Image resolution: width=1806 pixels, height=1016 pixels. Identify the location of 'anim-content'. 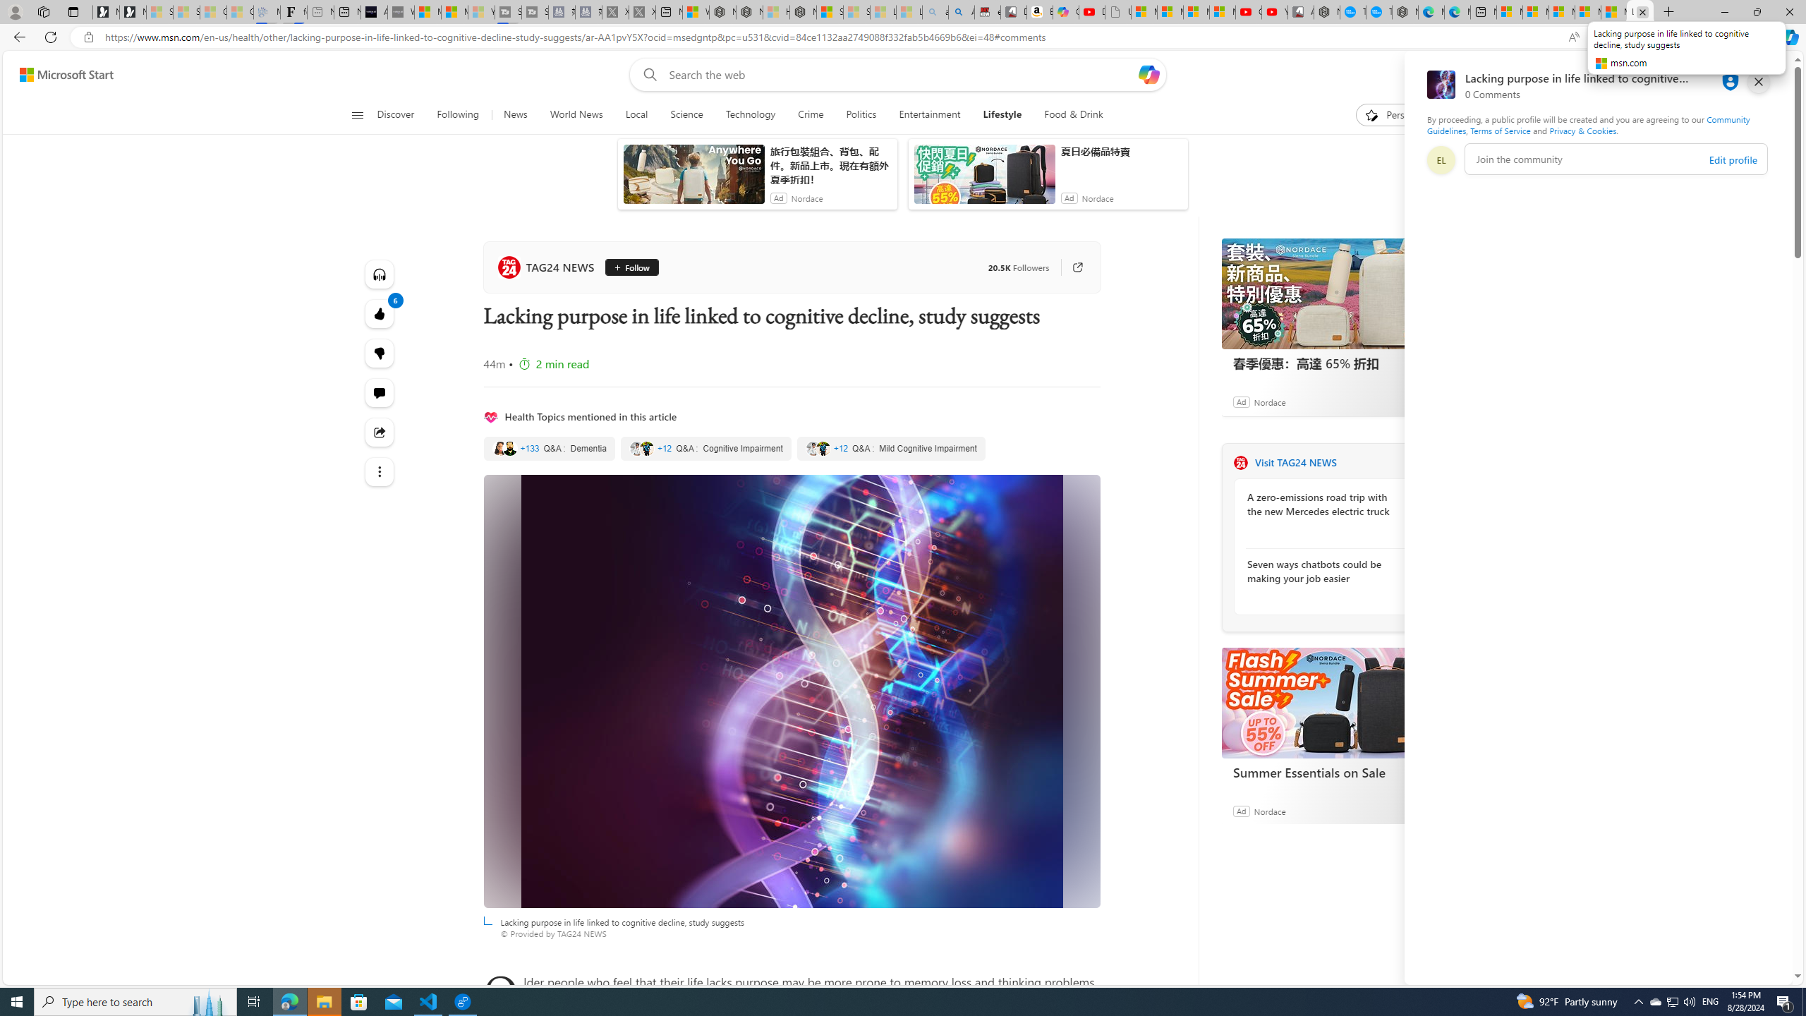
(983, 179).